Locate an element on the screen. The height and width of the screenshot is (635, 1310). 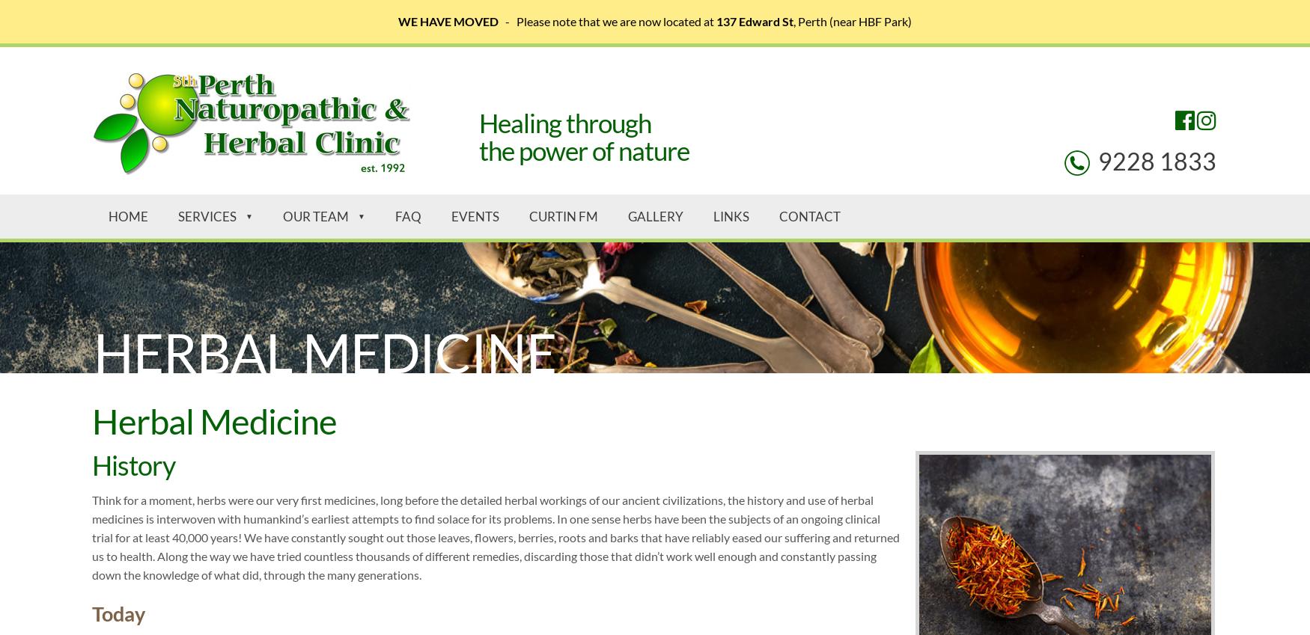
'Think for a moment, herbs were our very first medicines, long before the detailed herbal workings of our ancient civilizations, the history and use of herbal medicines is interwoven with humankind’s earliest attempts to find solace for its problems. In one sense herbs have been the subjects of an ongoing clinical trial for at least 40,000 years! We have constantly sought out those leaves, flowers, berries, roots and barks that have reliably eased our suffering and returned us to health. Along the way we have tried countless thousands of different remedies, discarding those that didn’t work well enough and constantly passing down the knowledge of what did, through the many generations.' is located at coordinates (494, 536).